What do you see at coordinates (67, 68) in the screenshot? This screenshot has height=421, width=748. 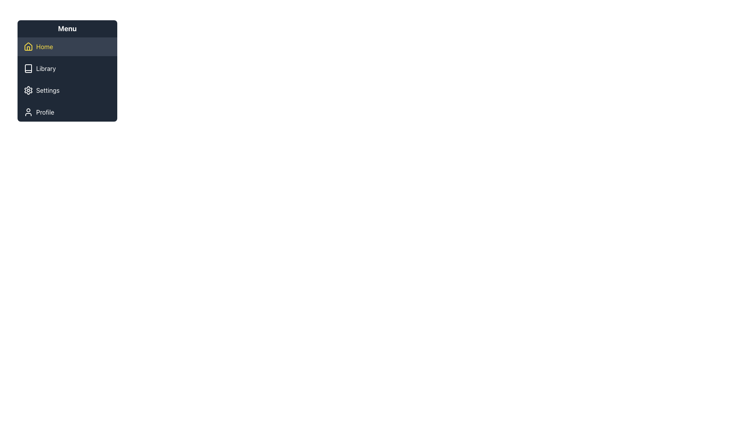 I see `the 'Library' menu item, which is the second option in the vertical stack of menu options in the left sidebar` at bounding box center [67, 68].